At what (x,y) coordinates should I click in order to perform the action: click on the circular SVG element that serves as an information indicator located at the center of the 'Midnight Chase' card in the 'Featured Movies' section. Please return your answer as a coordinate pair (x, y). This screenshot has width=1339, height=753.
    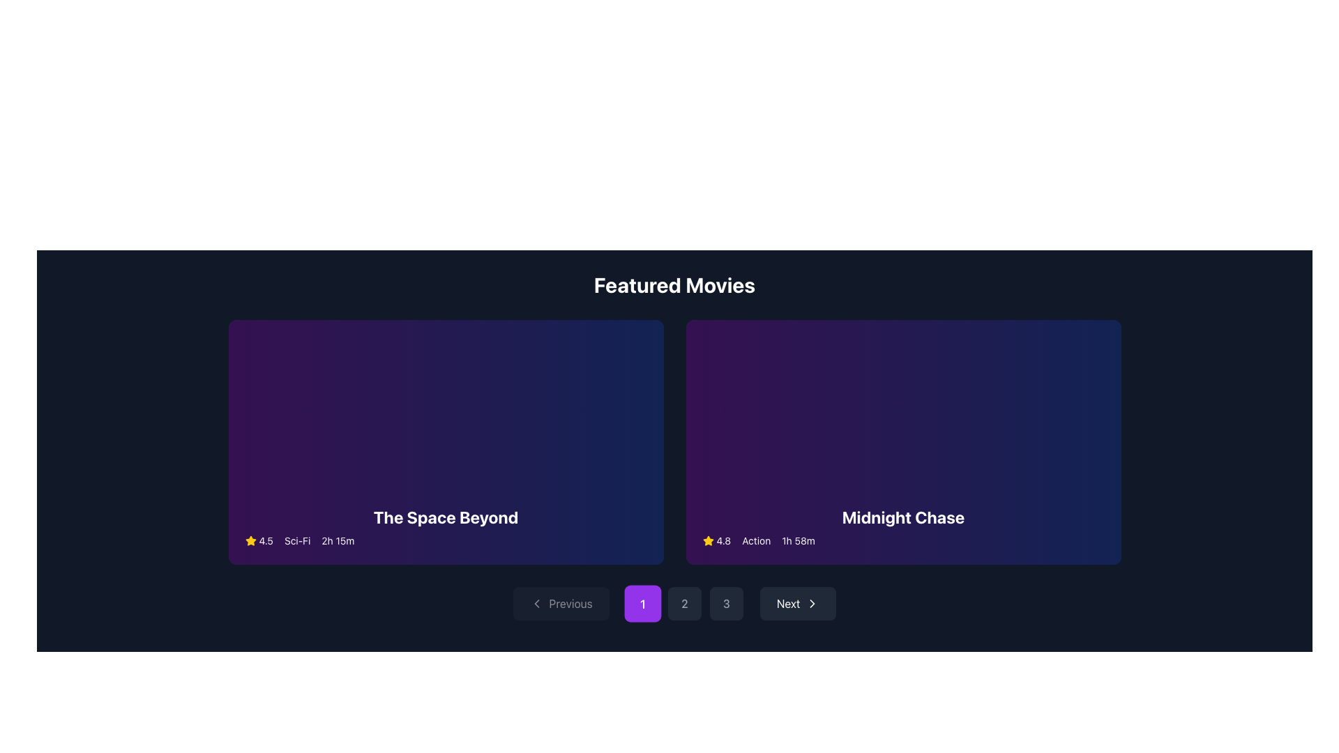
    Looking at the image, I should click on (903, 442).